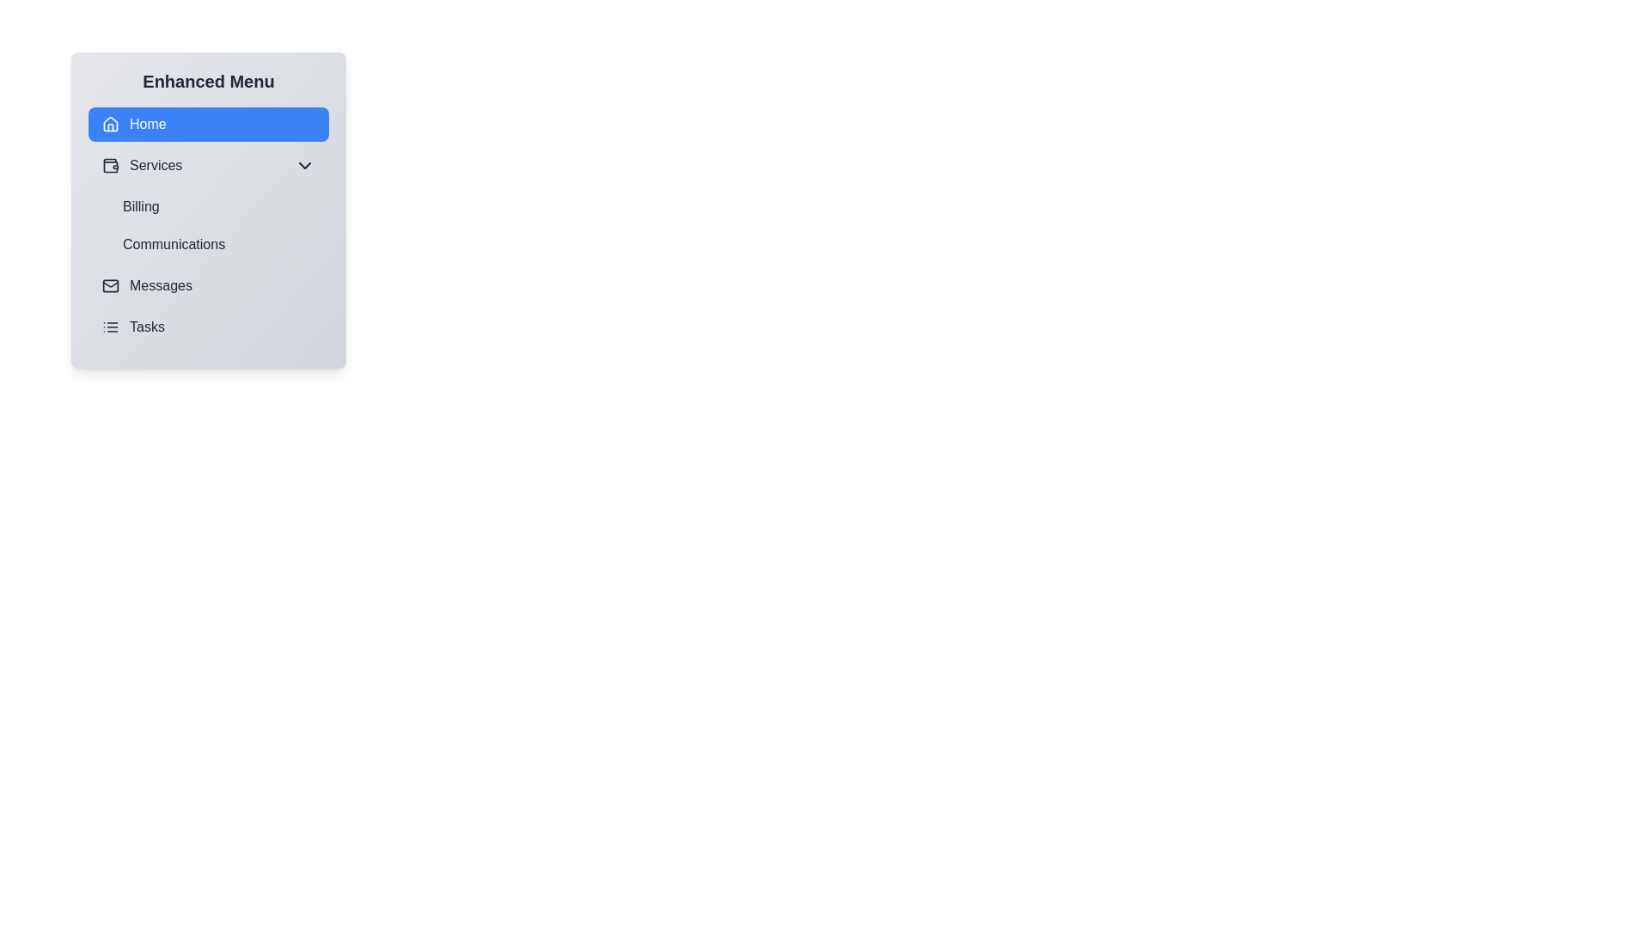 This screenshot has width=1650, height=928. What do you see at coordinates (161, 284) in the screenshot?
I see `'Messages' navigational label located in the left-hand vertical navigation menu, situated to the right of the envelope-shaped icon` at bounding box center [161, 284].